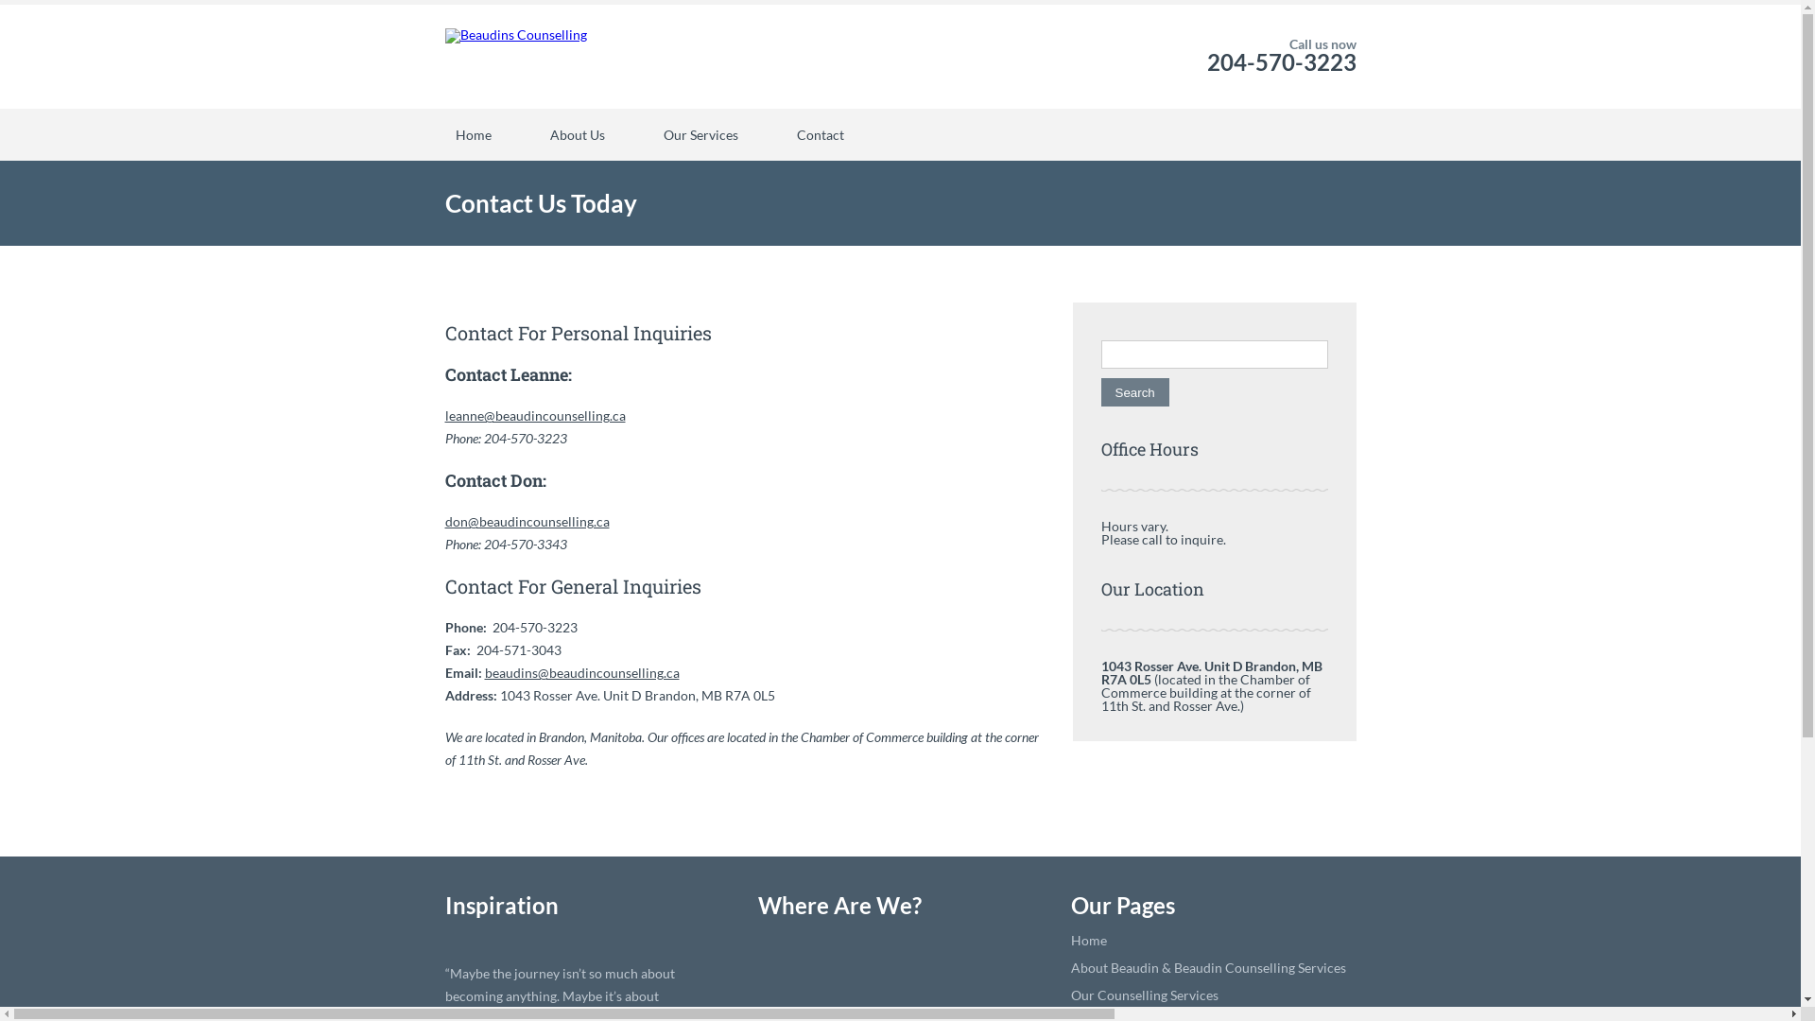 This screenshot has width=1815, height=1021. Describe the element at coordinates (533, 414) in the screenshot. I see `'leanne@beaudincounselling.ca'` at that location.